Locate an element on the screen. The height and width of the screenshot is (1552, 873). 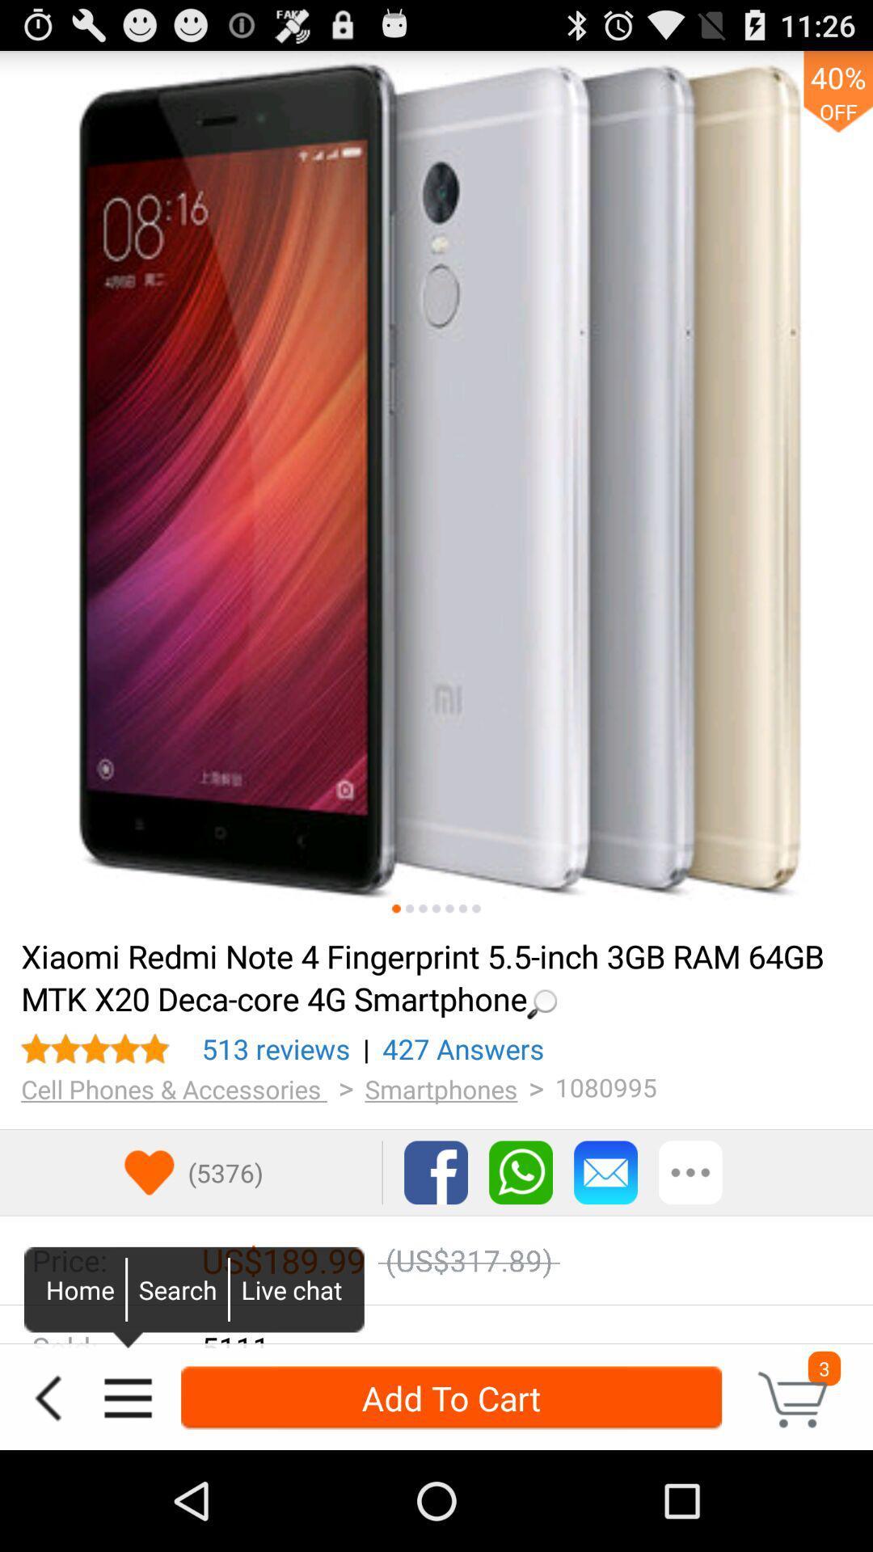
the caret left arrow which is to the left side of three horizontal bar is located at coordinates (48, 1397).